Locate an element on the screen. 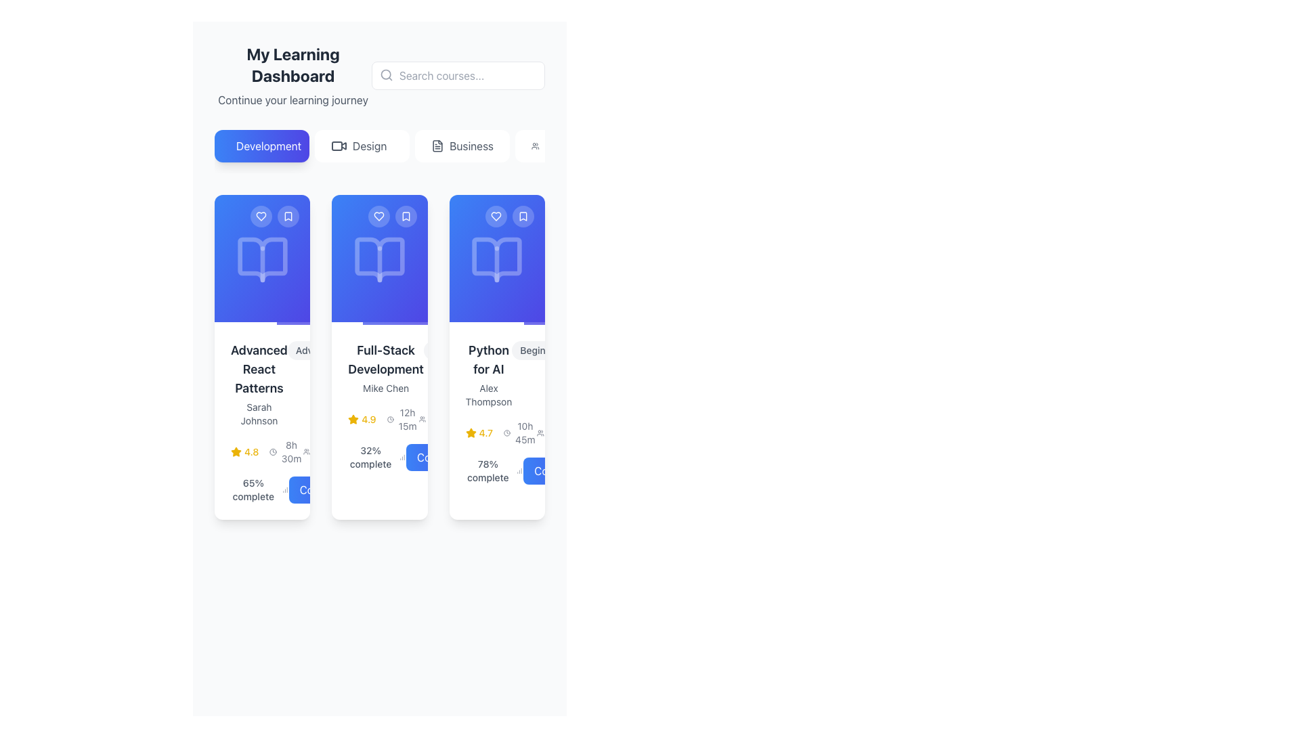 The height and width of the screenshot is (731, 1300). the open book icon located on the leftmost card titled 'Advanced React Patterns' within the dashboard's triplet section is located at coordinates (262, 260).